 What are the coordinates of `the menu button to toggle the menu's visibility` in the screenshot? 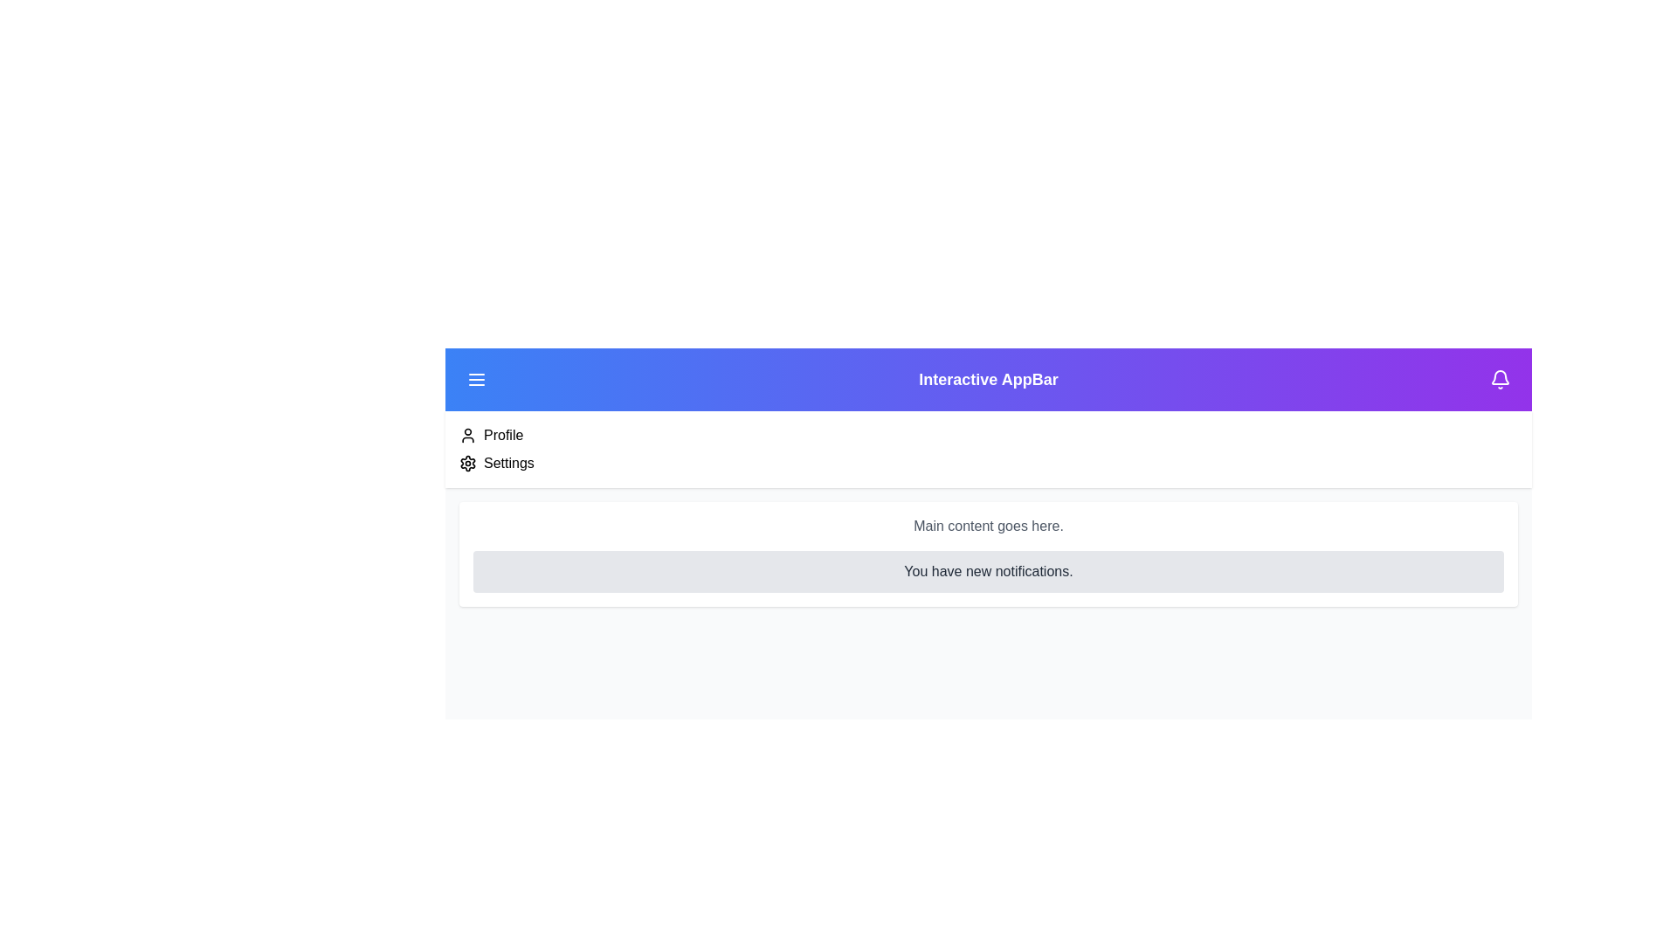 It's located at (477, 379).